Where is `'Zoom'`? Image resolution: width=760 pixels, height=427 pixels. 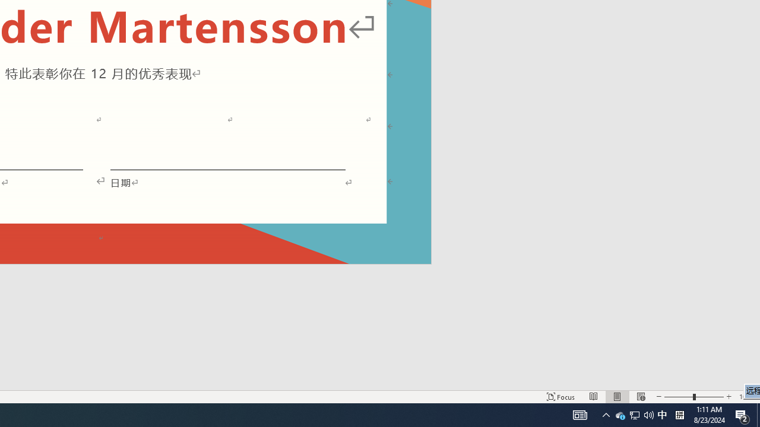 'Zoom' is located at coordinates (693, 397).